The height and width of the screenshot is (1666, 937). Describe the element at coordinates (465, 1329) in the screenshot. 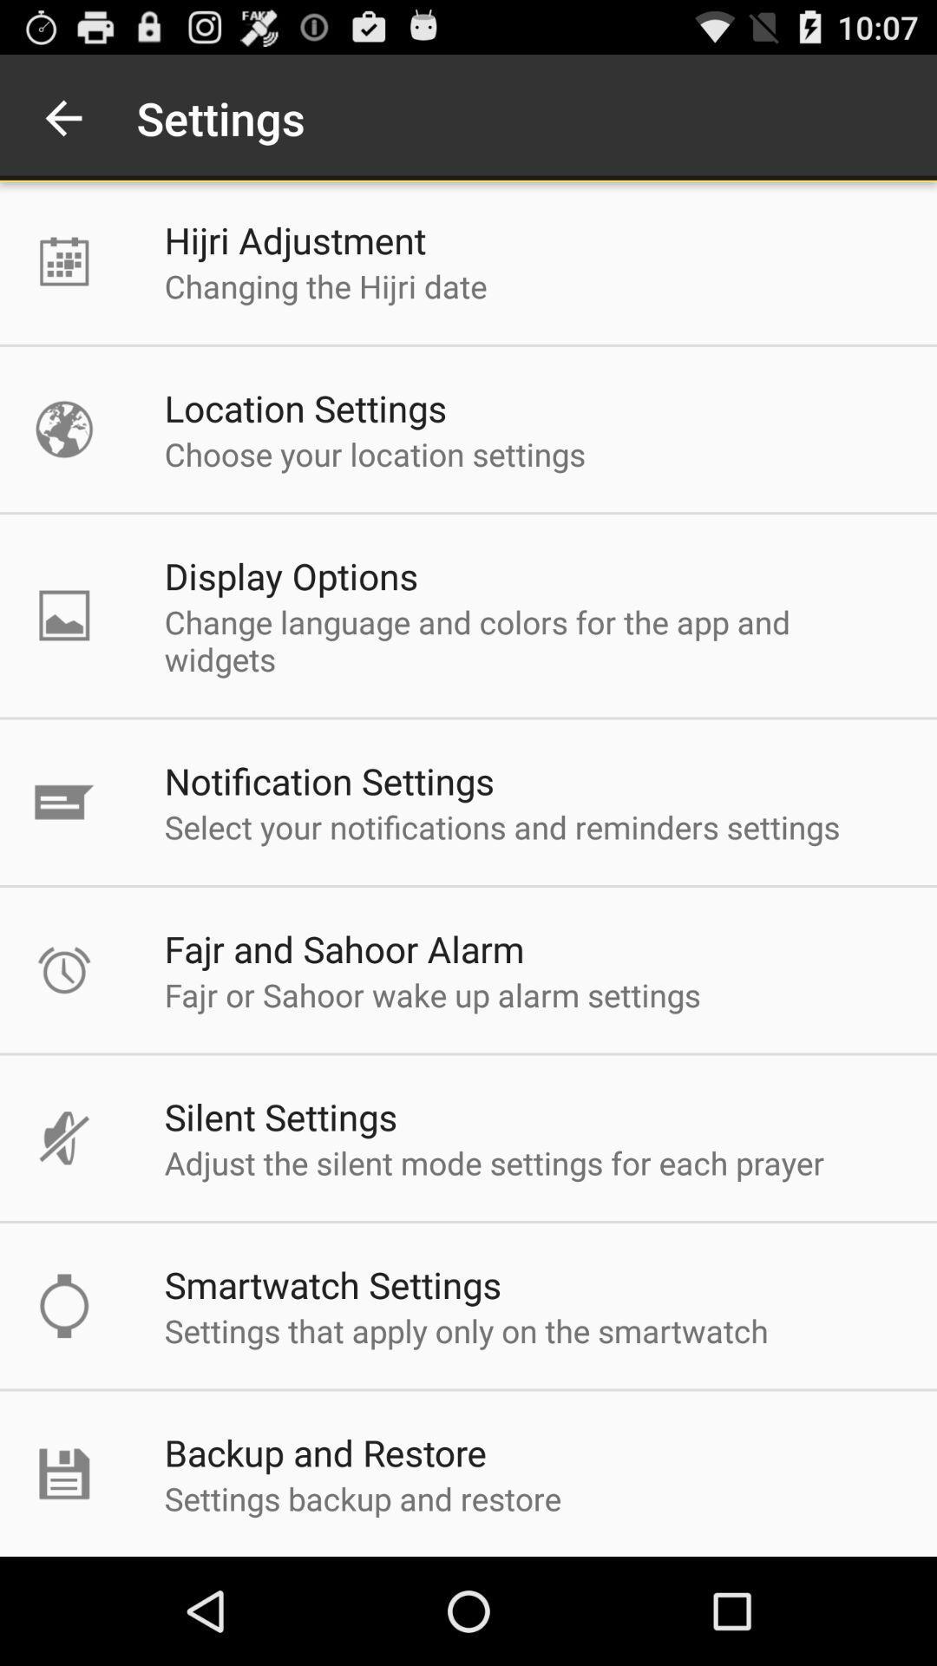

I see `settings that apply icon` at that location.